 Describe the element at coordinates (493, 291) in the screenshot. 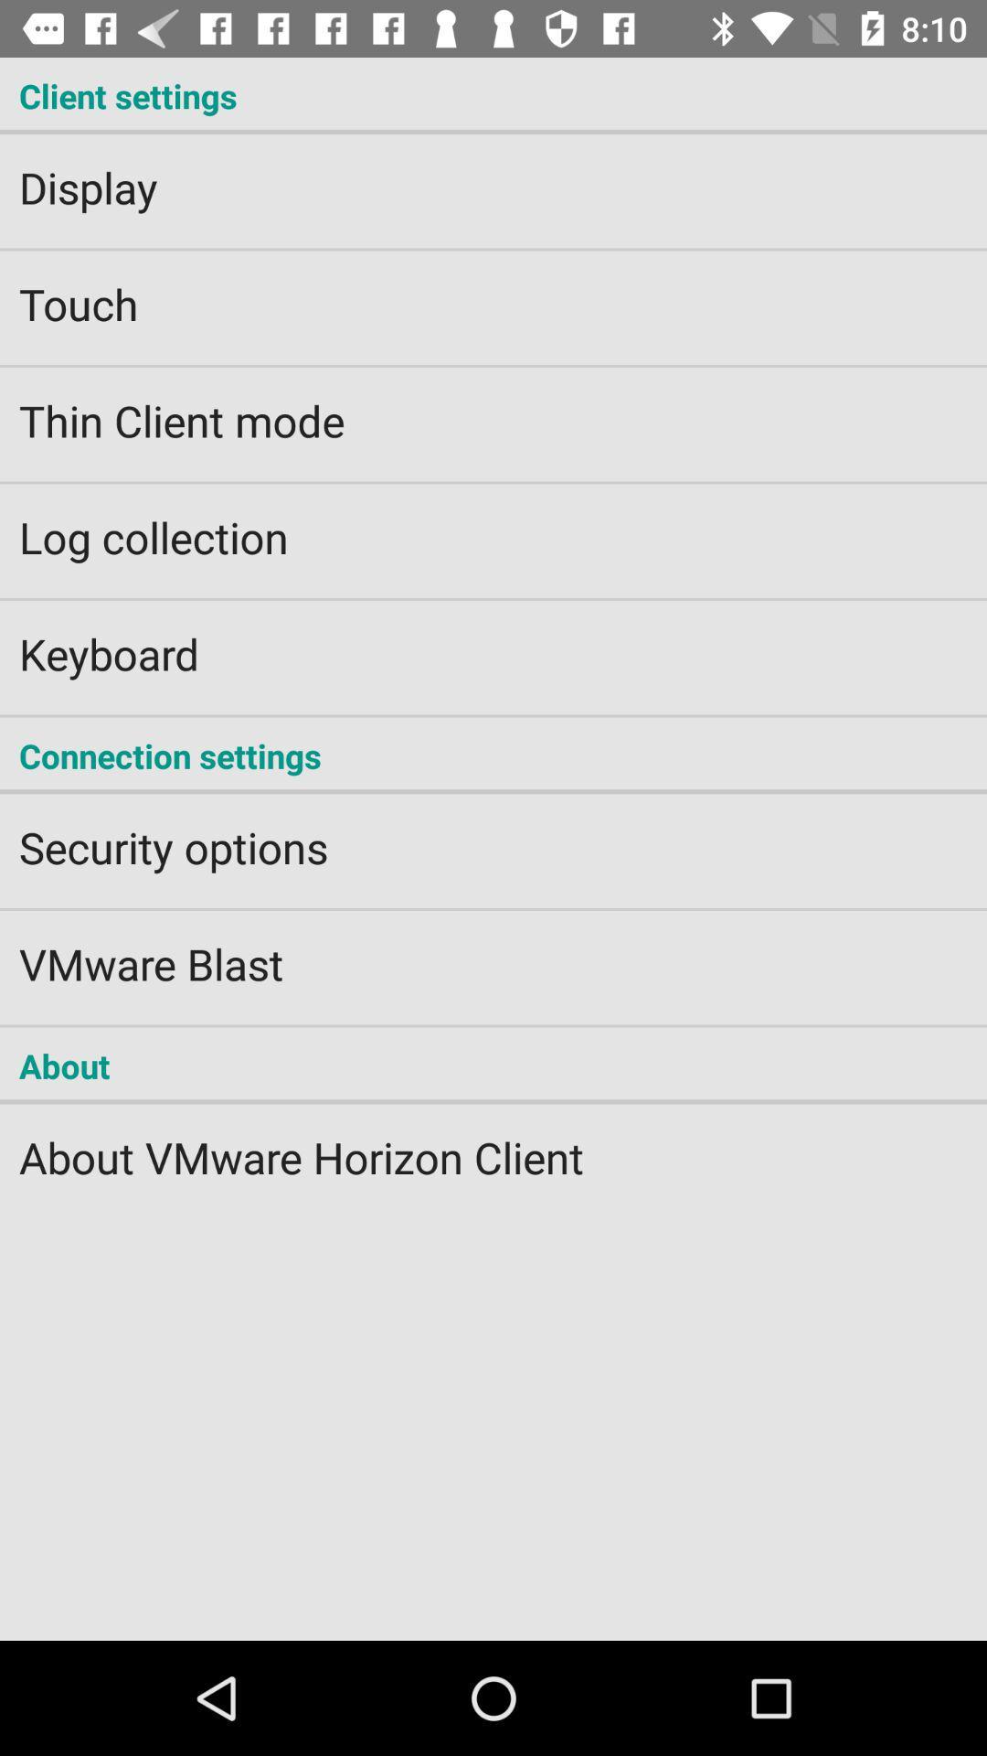

I see `touch icon` at that location.